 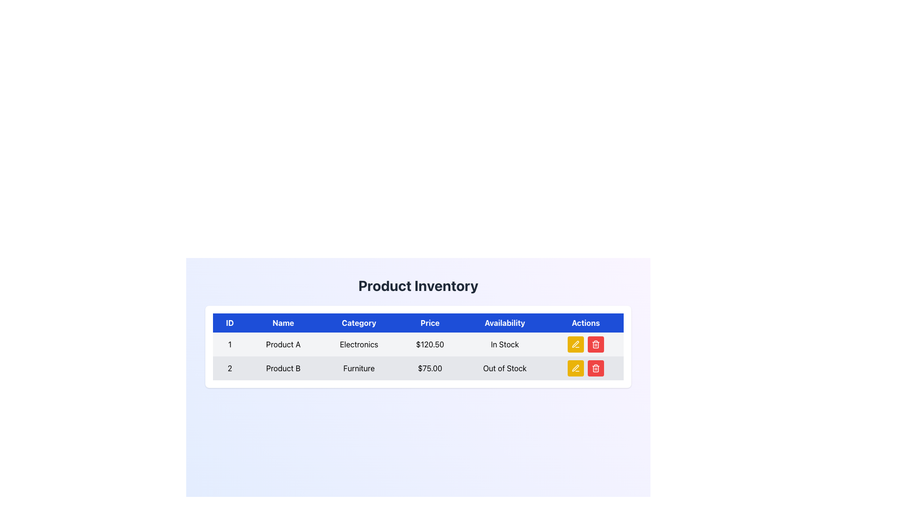 What do you see at coordinates (575, 368) in the screenshot?
I see `the edit icon button resembling a pen with a yellow background in the 'Actions' column of the second row in the 'Product Inventory' table` at bounding box center [575, 368].